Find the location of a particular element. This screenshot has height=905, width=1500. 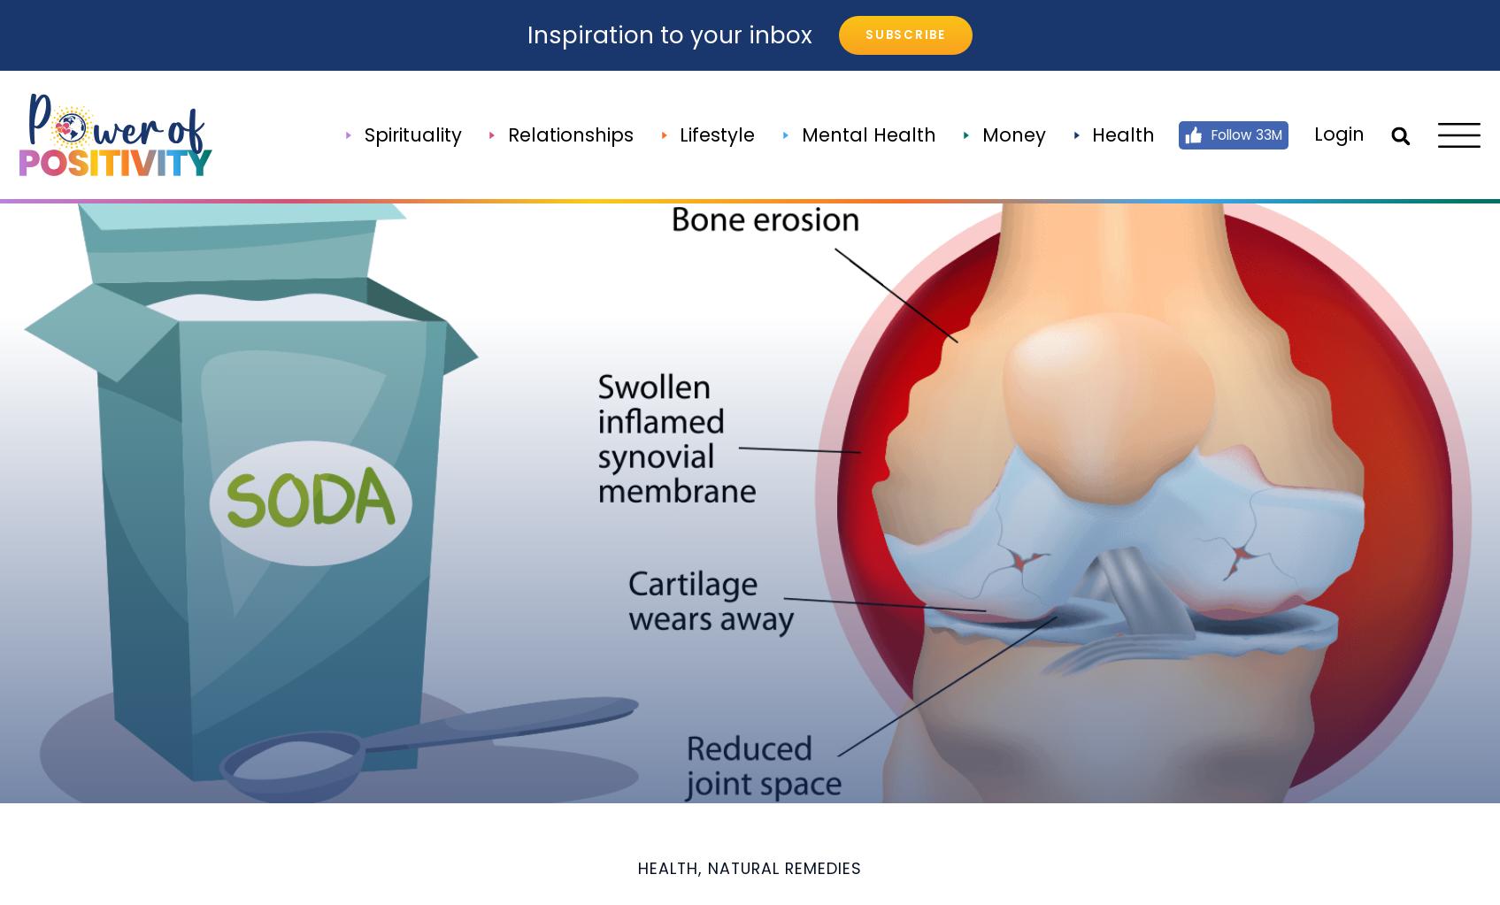

'Toxic People' is located at coordinates (829, 634).